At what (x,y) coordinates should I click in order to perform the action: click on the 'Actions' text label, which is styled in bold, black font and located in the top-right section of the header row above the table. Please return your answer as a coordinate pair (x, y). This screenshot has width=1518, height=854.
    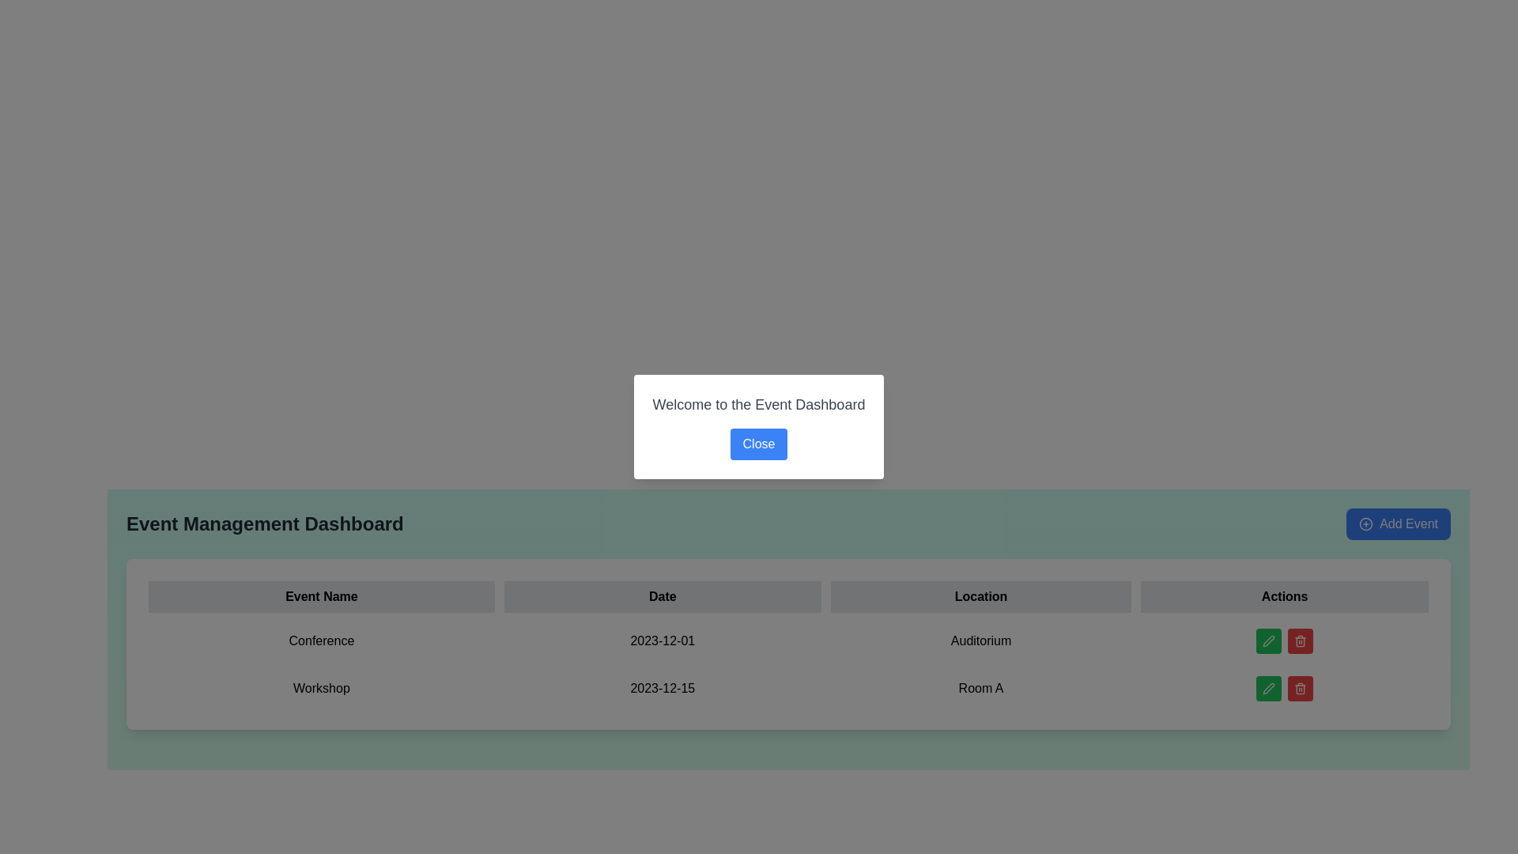
    Looking at the image, I should click on (1285, 597).